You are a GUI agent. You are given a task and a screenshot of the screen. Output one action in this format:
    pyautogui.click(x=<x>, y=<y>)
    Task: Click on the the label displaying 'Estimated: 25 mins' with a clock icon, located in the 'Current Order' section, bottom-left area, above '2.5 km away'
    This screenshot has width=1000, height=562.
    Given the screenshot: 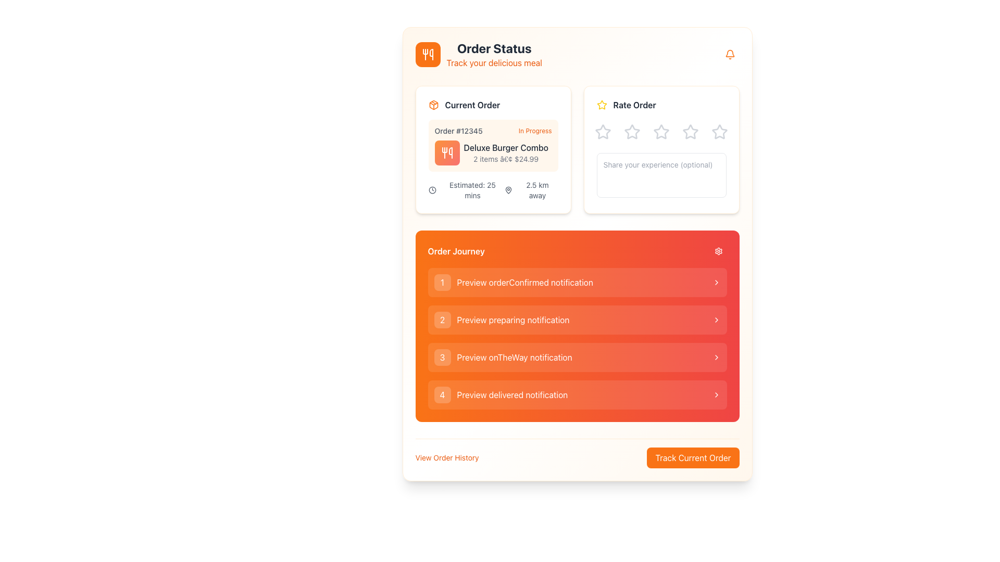 What is the action you would take?
    pyautogui.click(x=466, y=190)
    